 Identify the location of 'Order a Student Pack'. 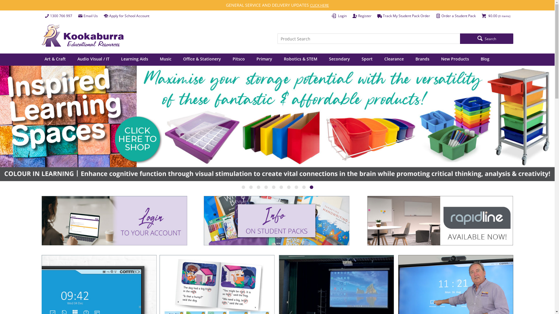
(455, 15).